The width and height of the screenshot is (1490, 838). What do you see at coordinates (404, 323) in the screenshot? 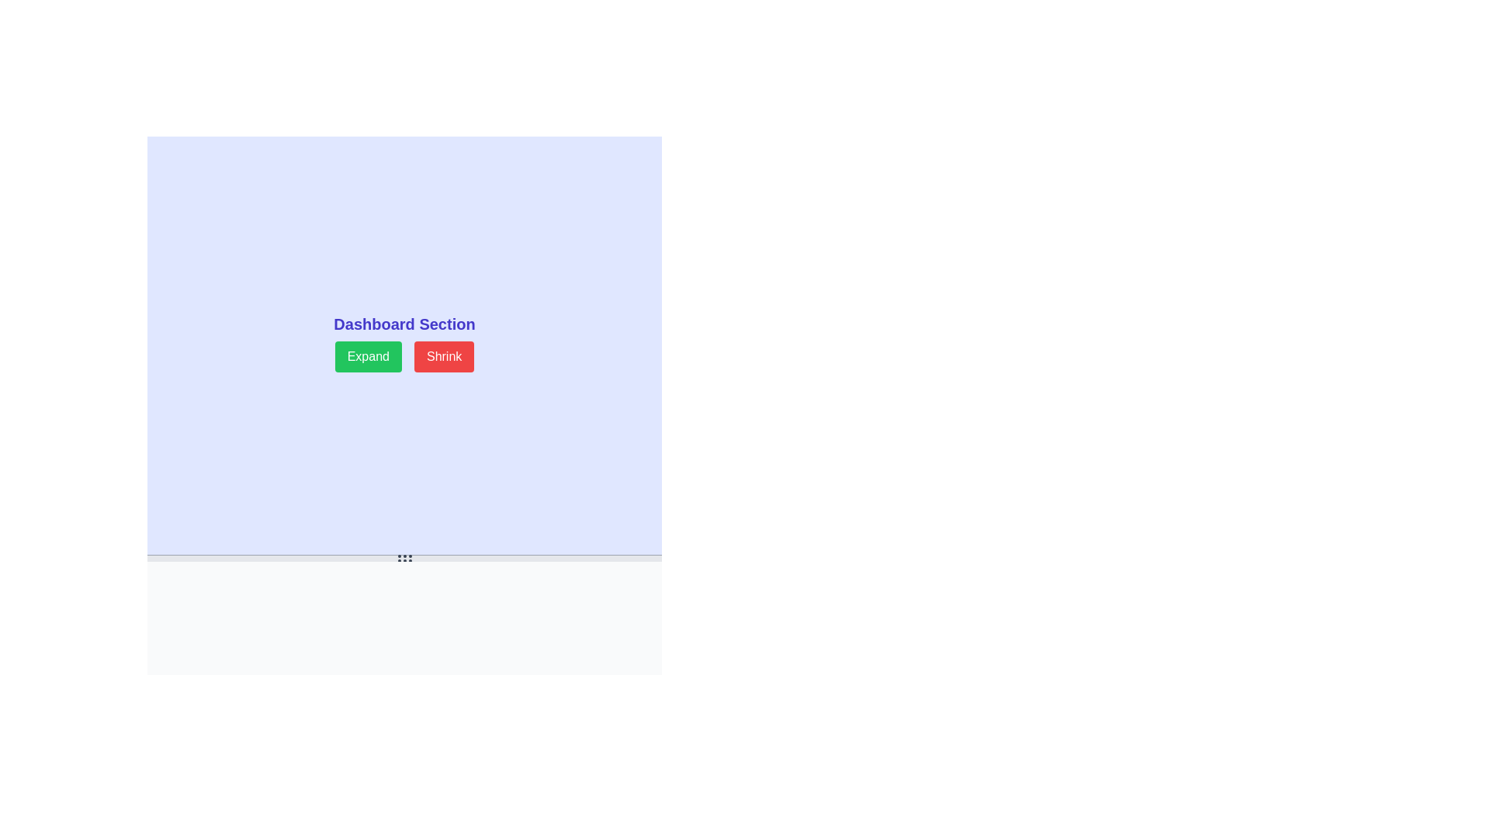
I see `the 'Dashboard Section' text label, which is styled in bold and large indigo font on a light indigo background, positioned centrally above the 'Expand' and 'Shrink' buttons` at bounding box center [404, 323].